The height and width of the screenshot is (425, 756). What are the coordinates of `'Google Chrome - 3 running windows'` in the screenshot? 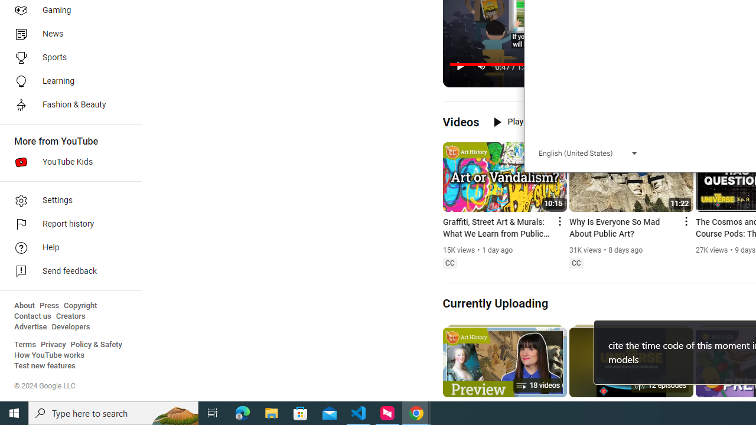 It's located at (416, 412).